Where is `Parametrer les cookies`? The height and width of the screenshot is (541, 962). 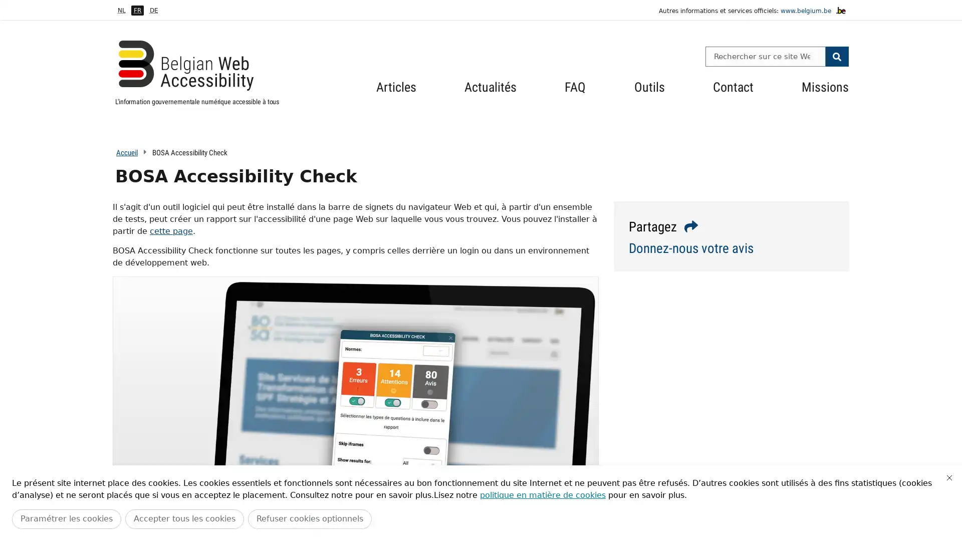 Parametrer les cookies is located at coordinates (66, 518).